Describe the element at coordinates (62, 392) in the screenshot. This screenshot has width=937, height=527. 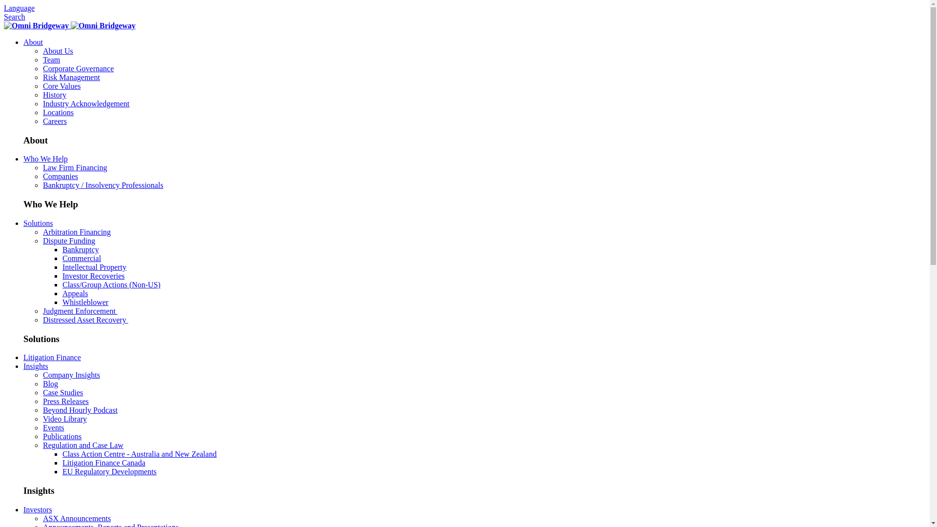
I see `'Case Studies'` at that location.